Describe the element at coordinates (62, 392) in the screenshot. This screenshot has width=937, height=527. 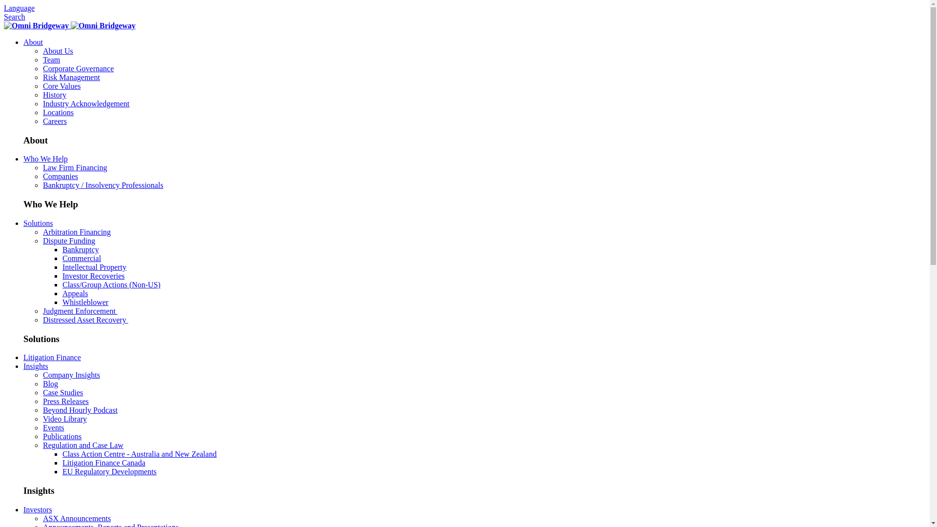
I see `'Case Studies'` at that location.